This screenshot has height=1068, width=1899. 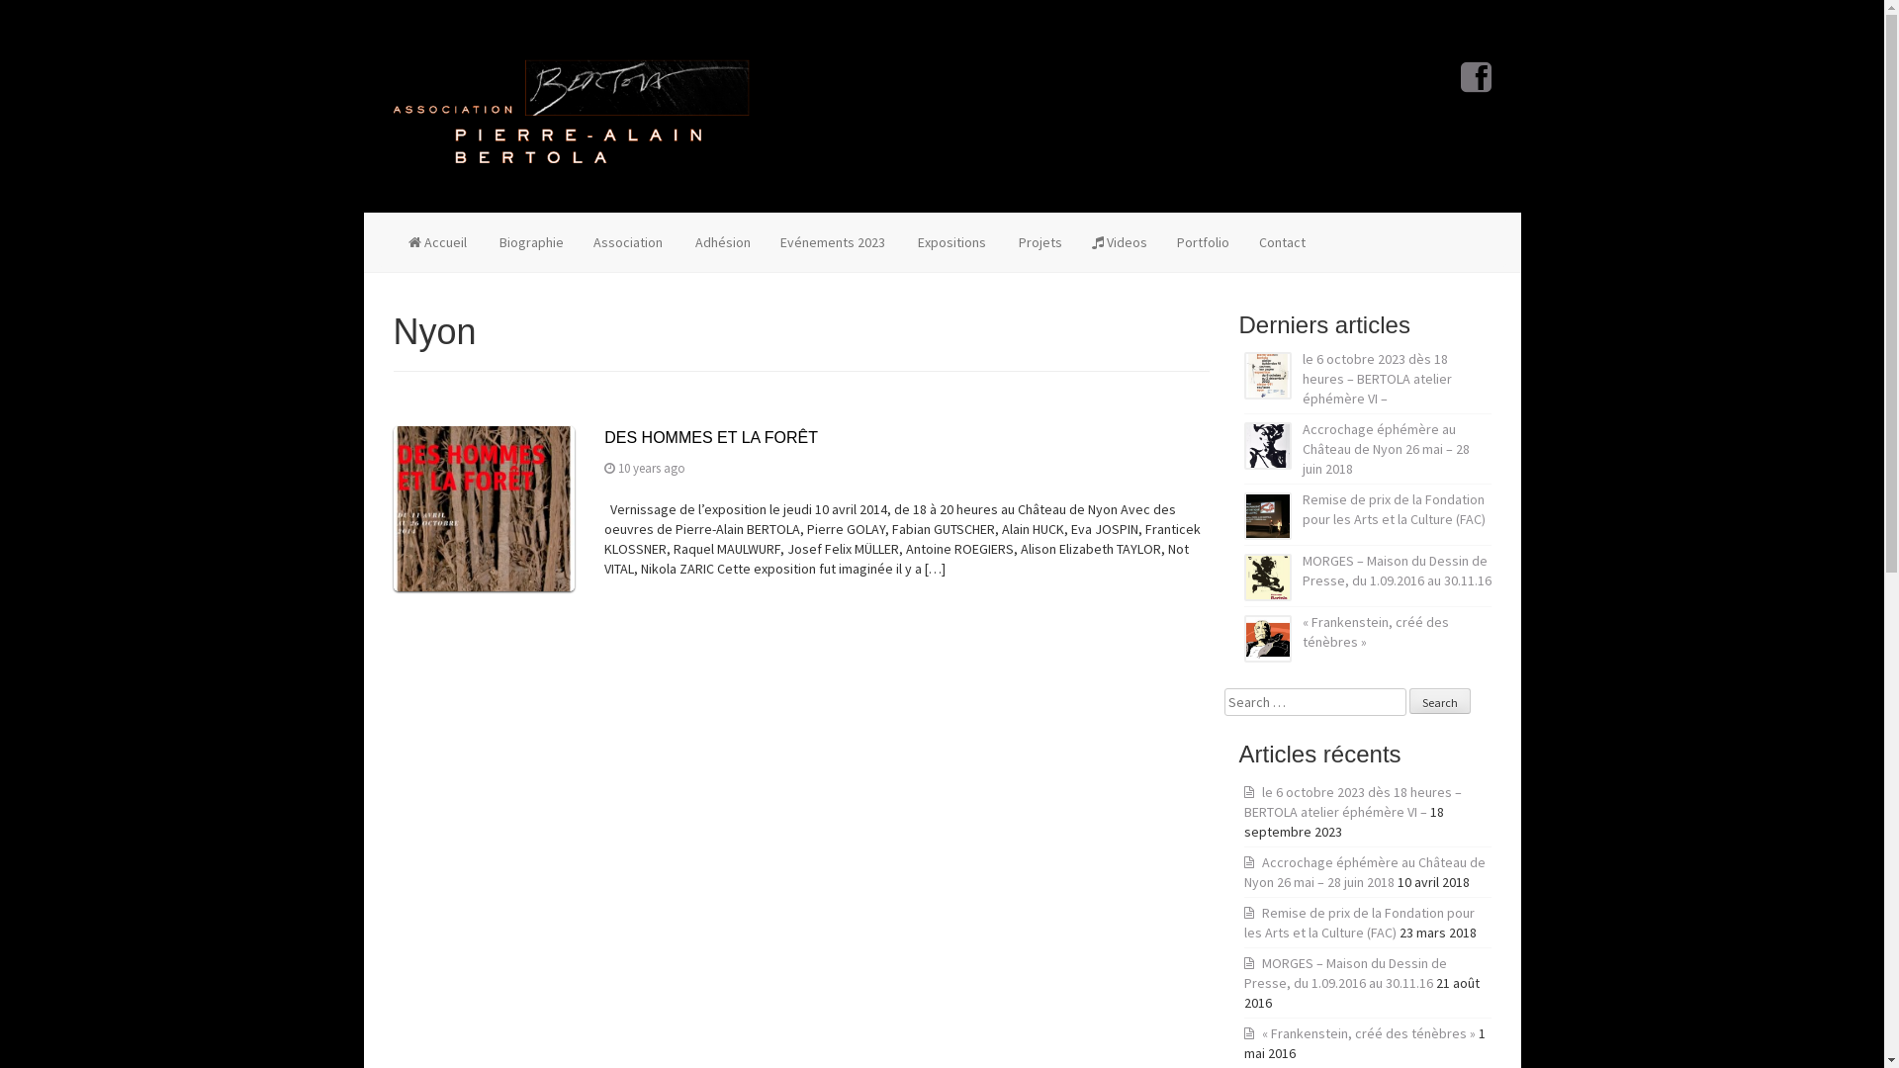 What do you see at coordinates (570, 111) in the screenshot?
I see `'Association Pierre-Alain Bertola'` at bounding box center [570, 111].